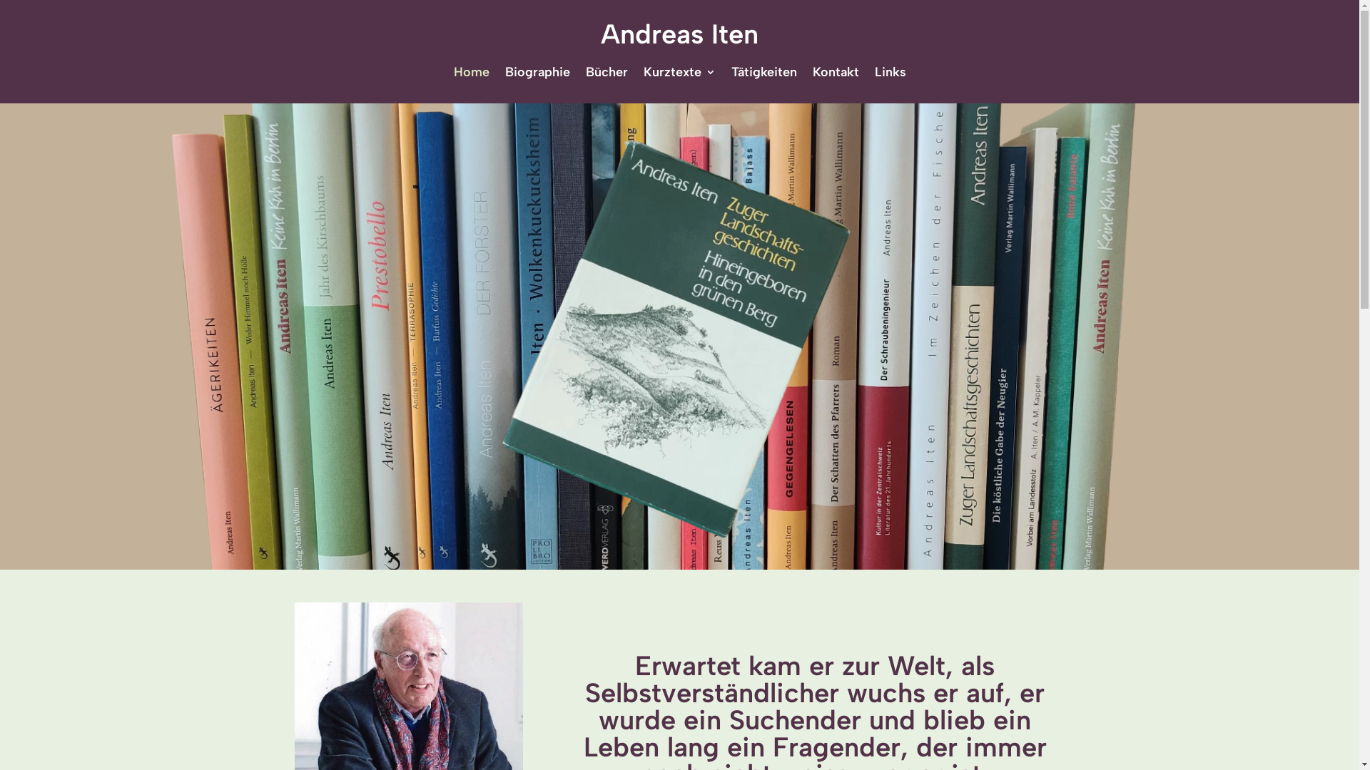  I want to click on 'Kurztexte', so click(643, 74).